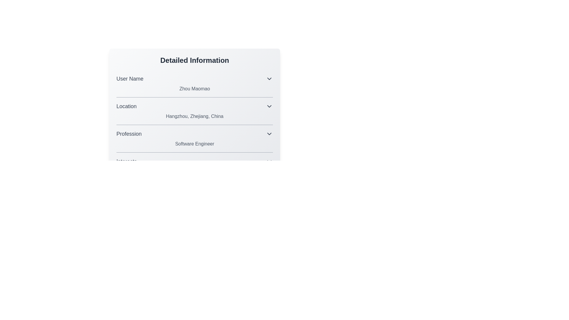  I want to click on the downward-facing chevron arrow icon representing the dropdown menu indicator, so click(269, 106).